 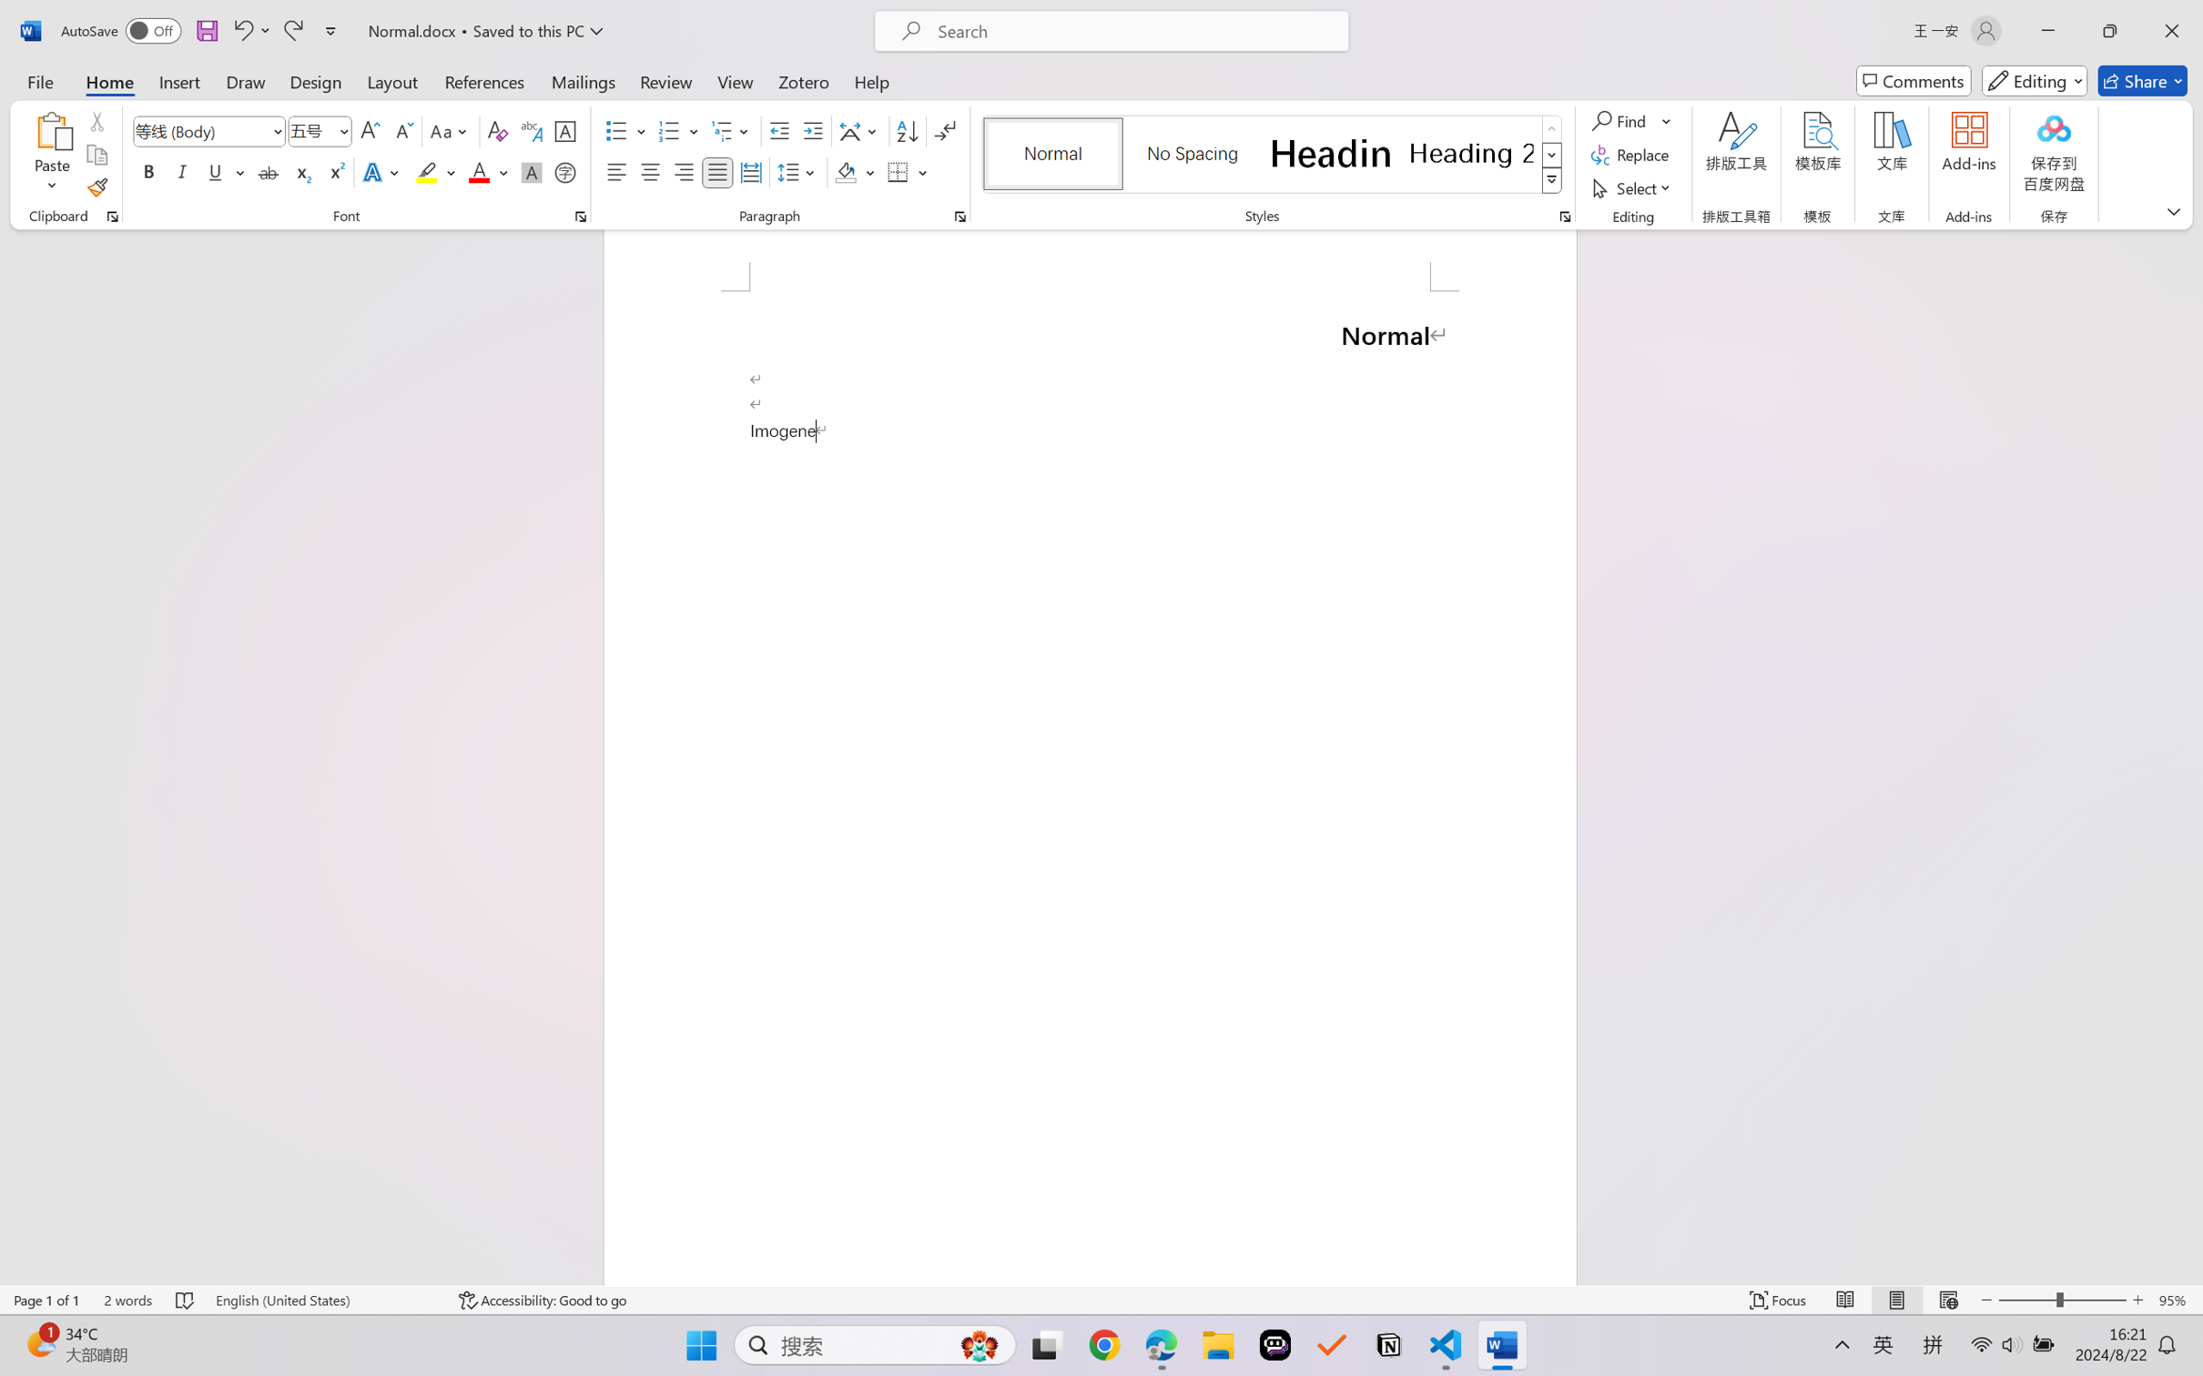 What do you see at coordinates (2035, 80) in the screenshot?
I see `'Mode'` at bounding box center [2035, 80].